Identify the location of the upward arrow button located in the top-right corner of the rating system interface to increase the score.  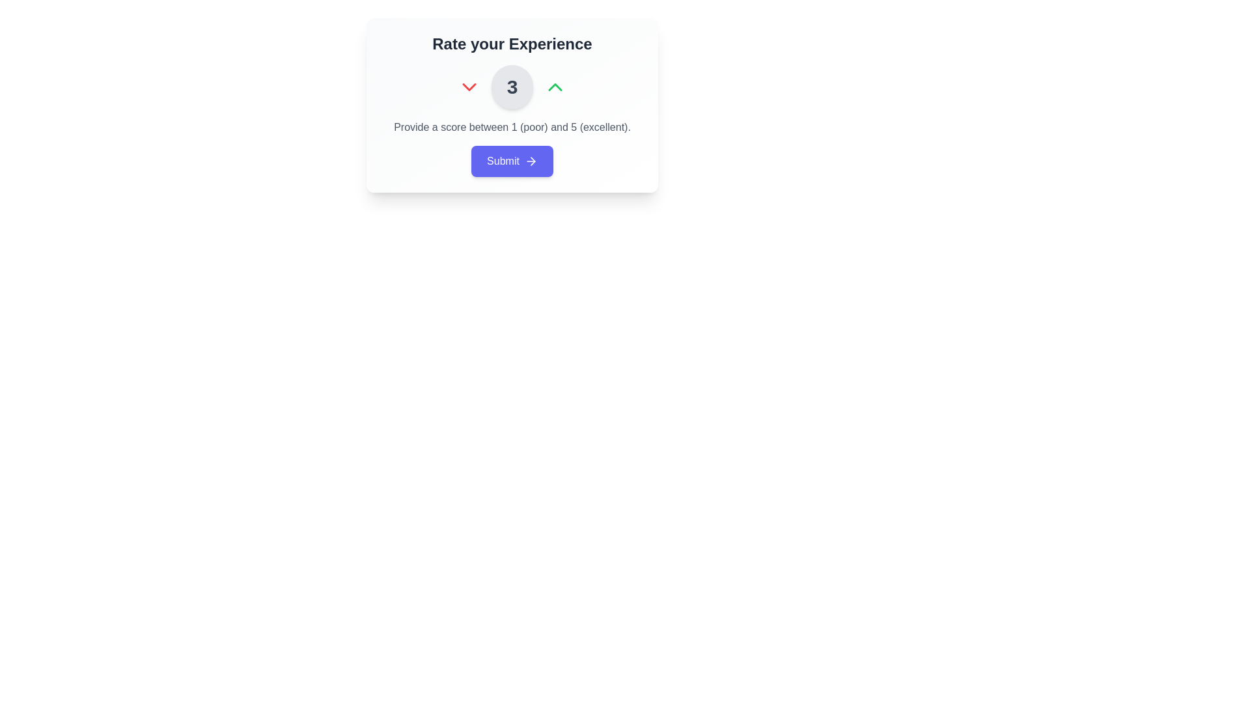
(555, 87).